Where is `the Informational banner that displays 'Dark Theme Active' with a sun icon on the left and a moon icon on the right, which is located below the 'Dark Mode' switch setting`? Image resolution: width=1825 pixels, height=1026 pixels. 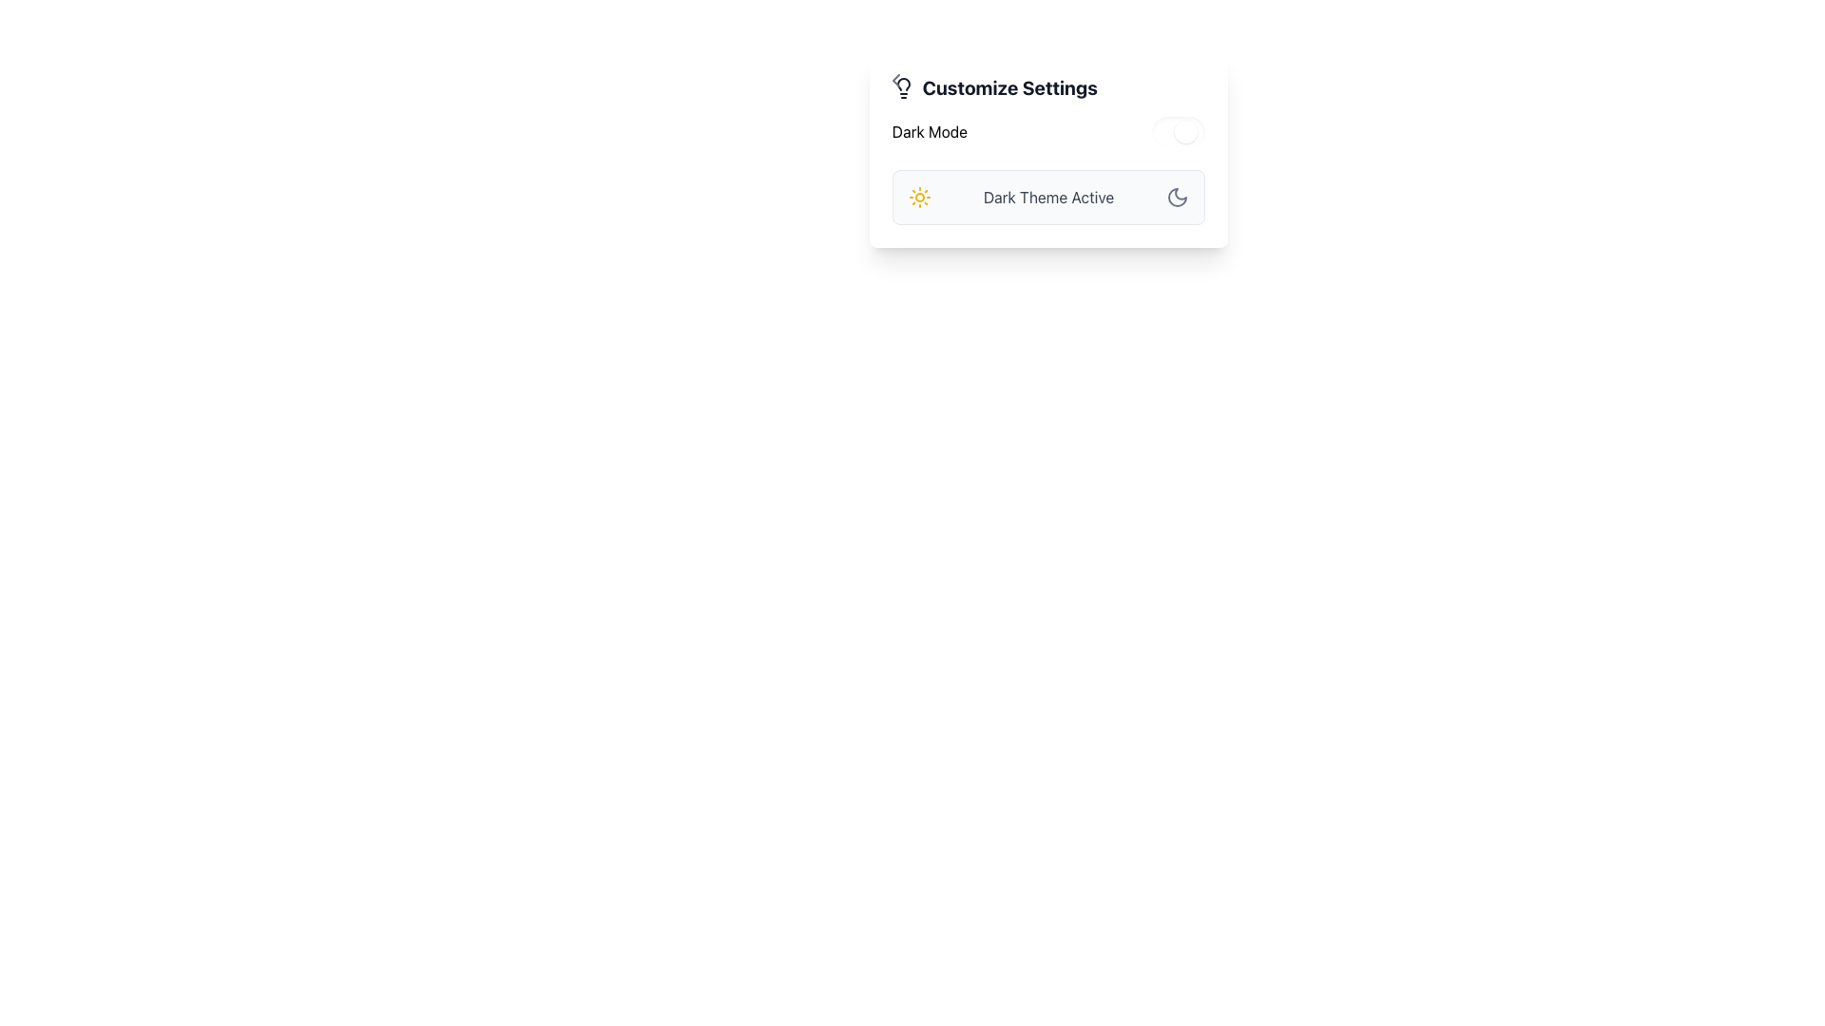 the Informational banner that displays 'Dark Theme Active' with a sun icon on the left and a moon icon on the right, which is located below the 'Dark Mode' switch setting is located at coordinates (1047, 198).